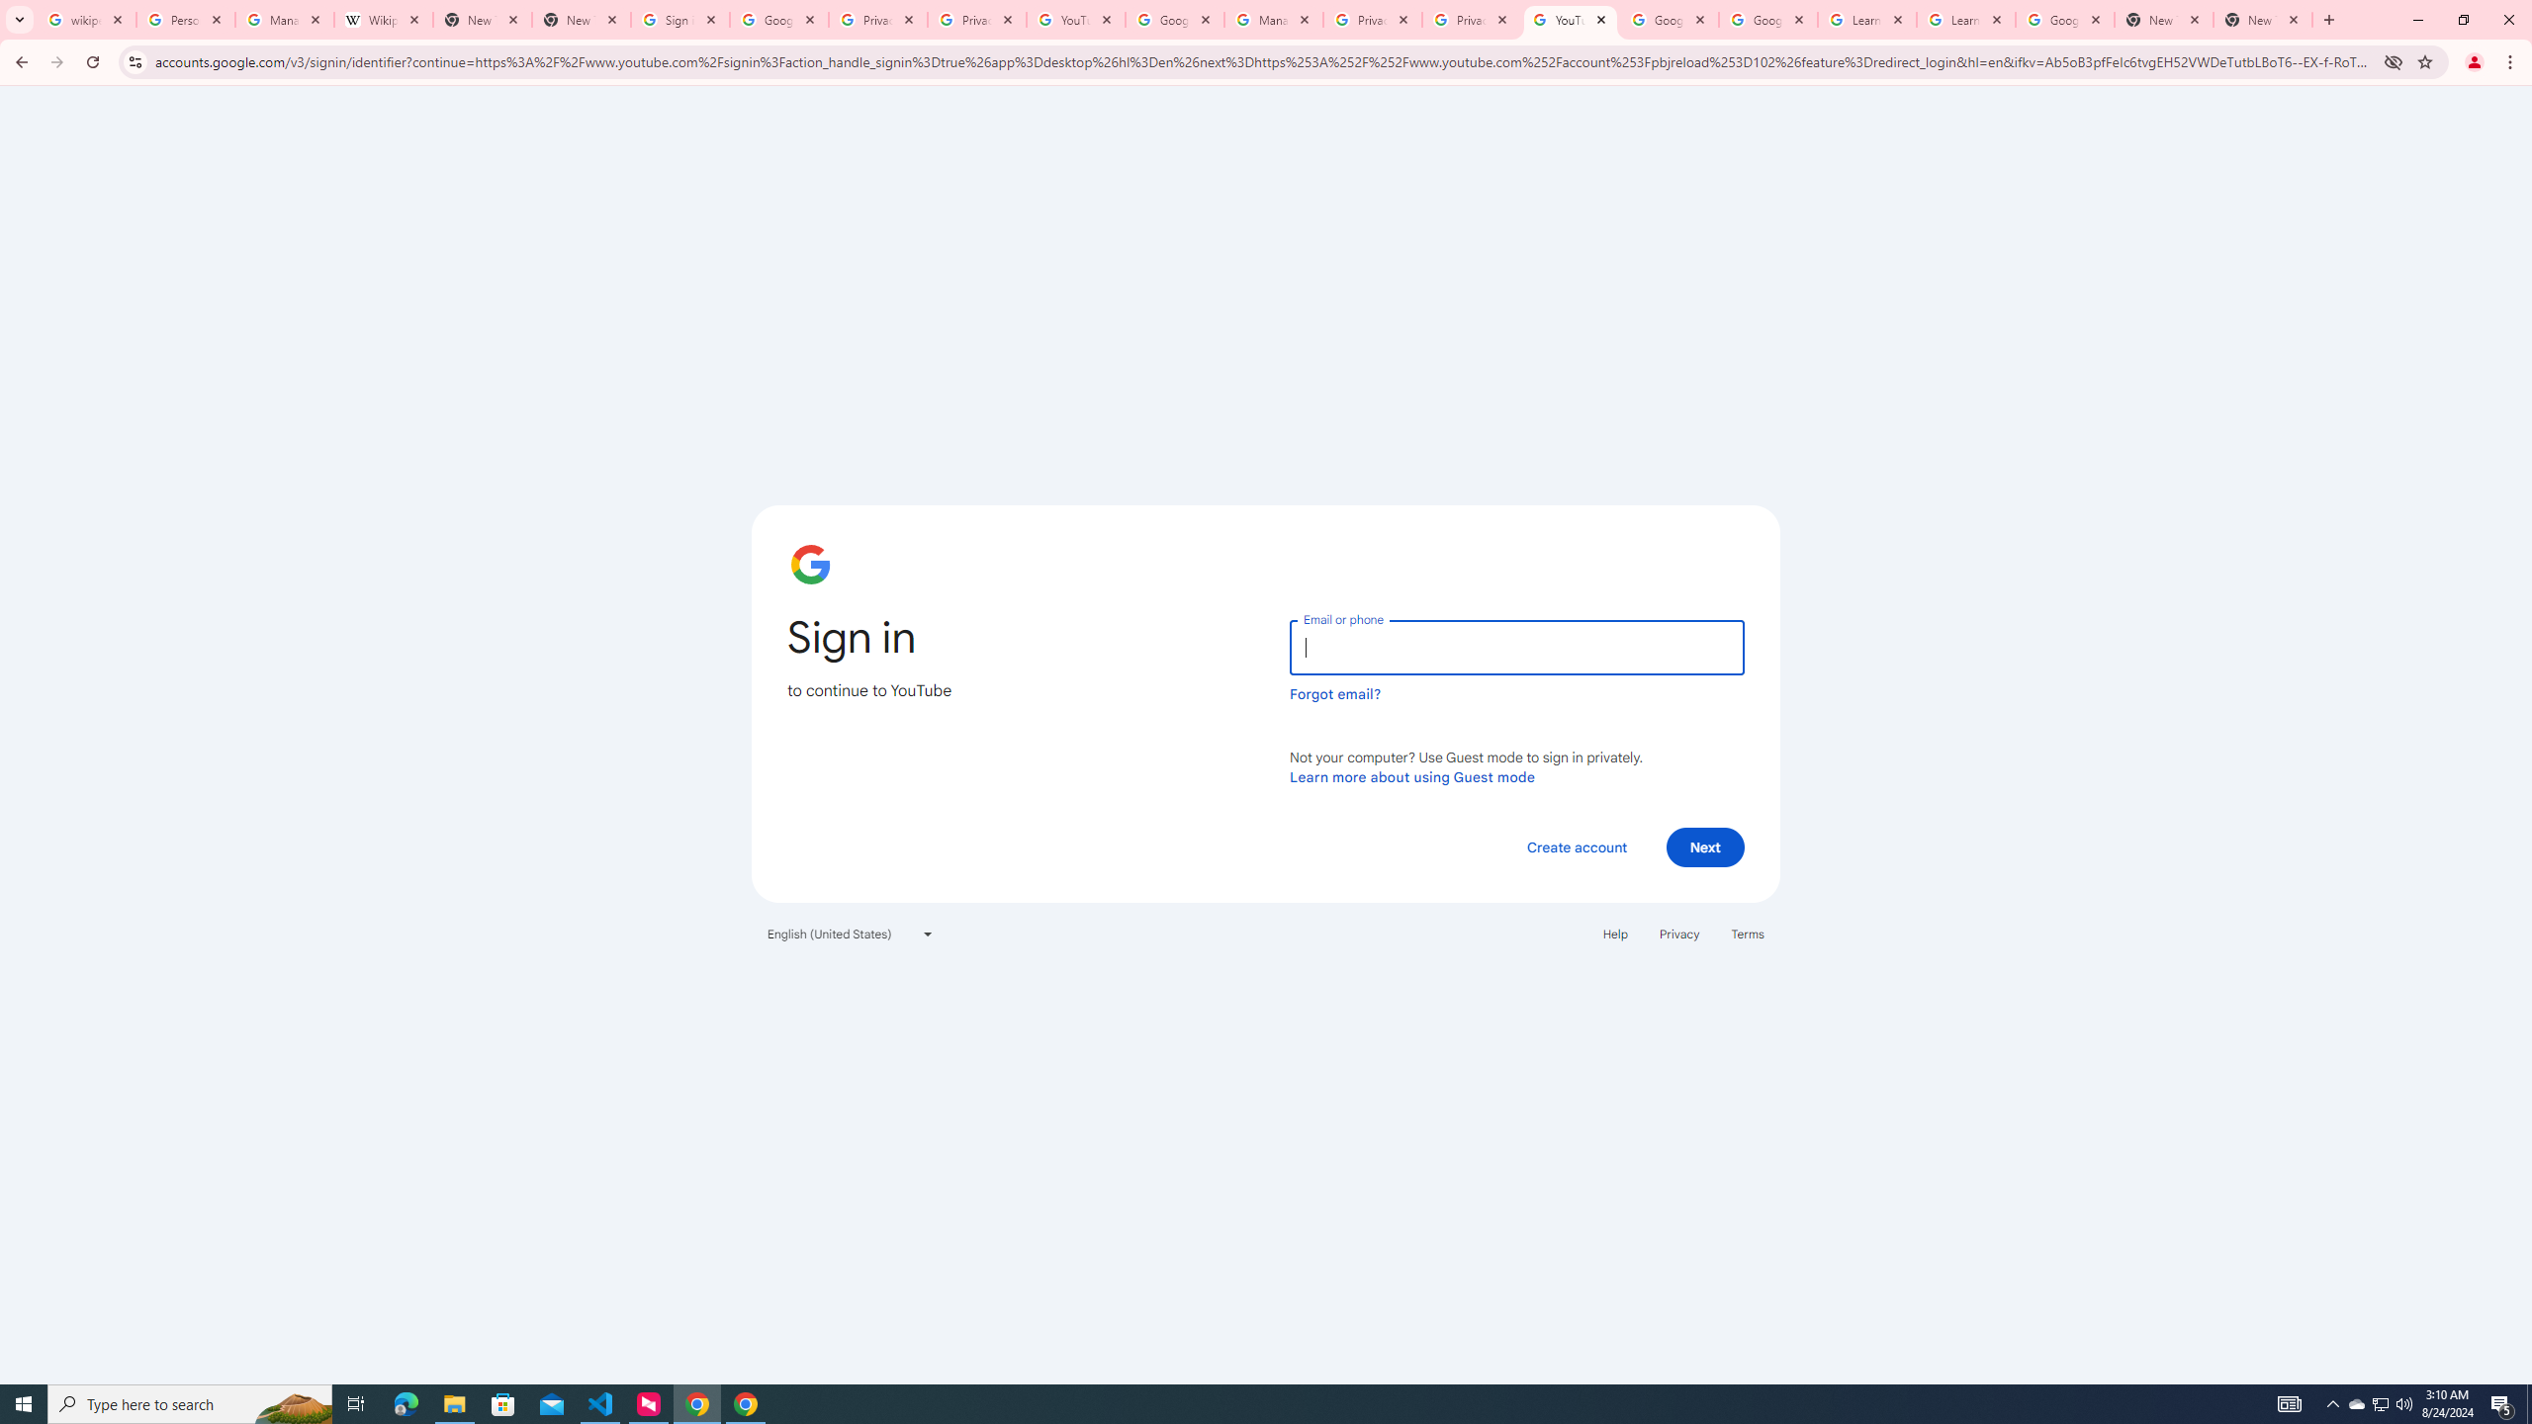  What do you see at coordinates (2164, 19) in the screenshot?
I see `'New Tab'` at bounding box center [2164, 19].